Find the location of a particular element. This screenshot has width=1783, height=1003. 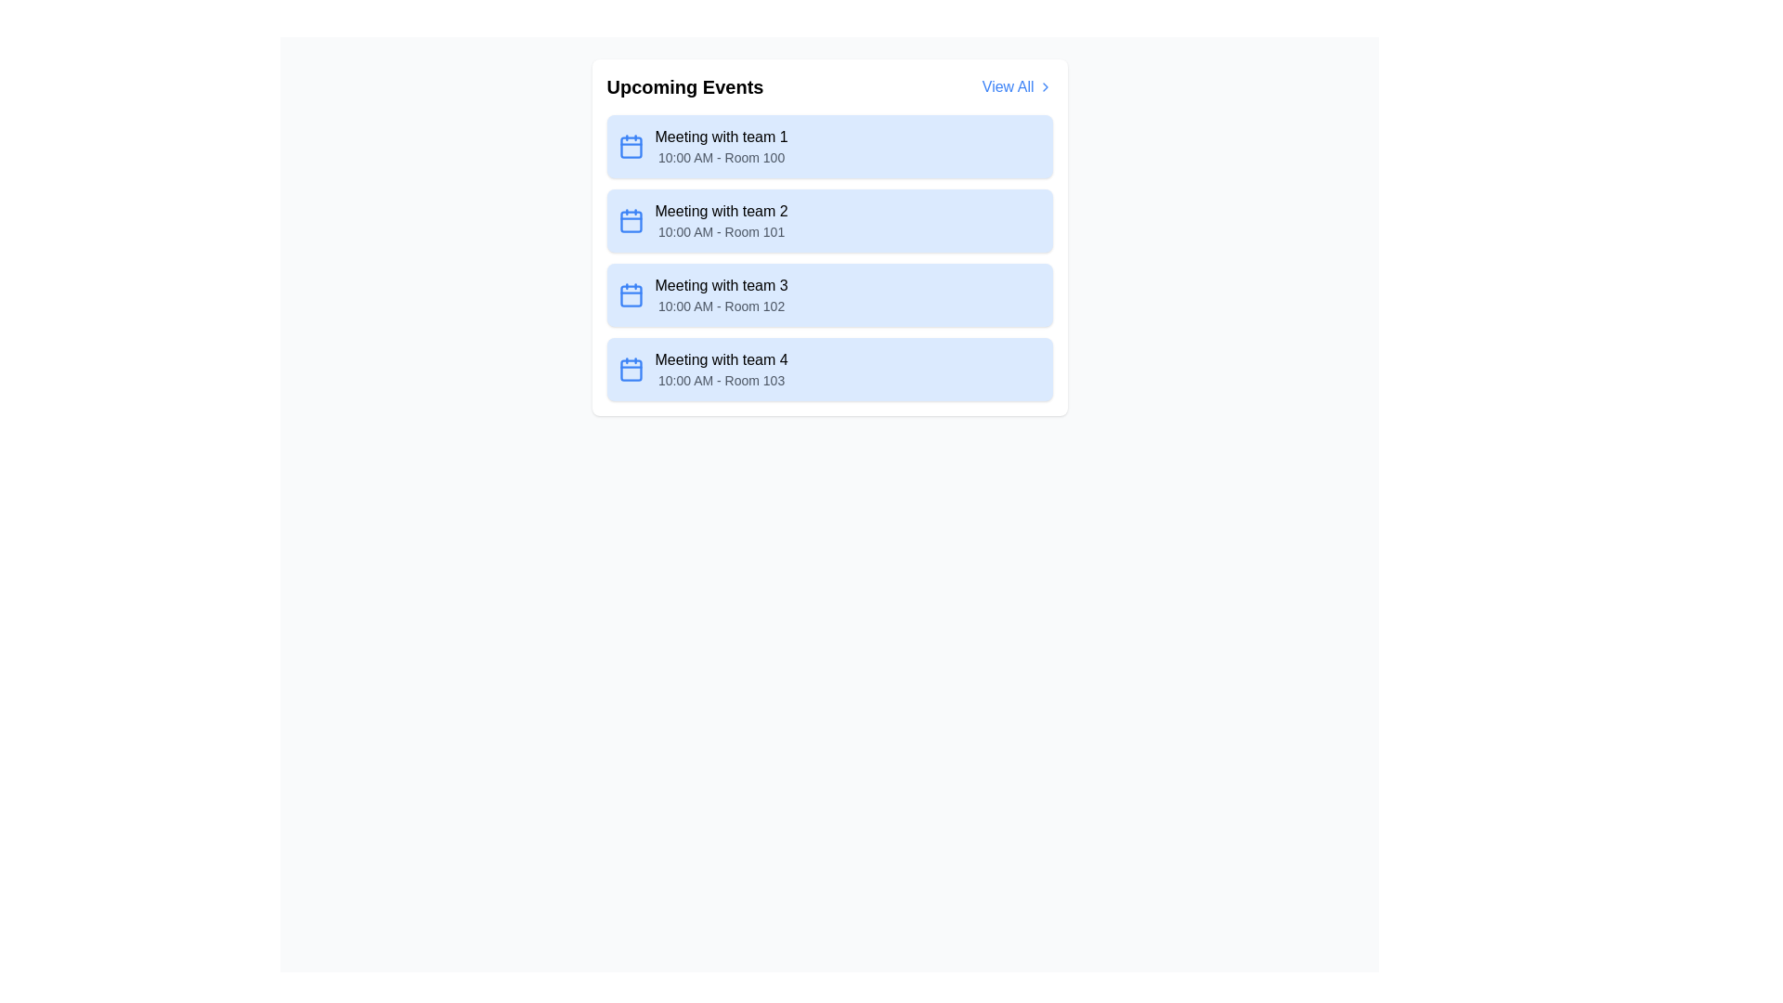

the blue calendar icon located within the light blue card containing the text 'Meeting with team 4' and '10:00 AM - Room 103', positioned as the leftmost icon in the fourth card of a list of events is located at coordinates (631, 369).